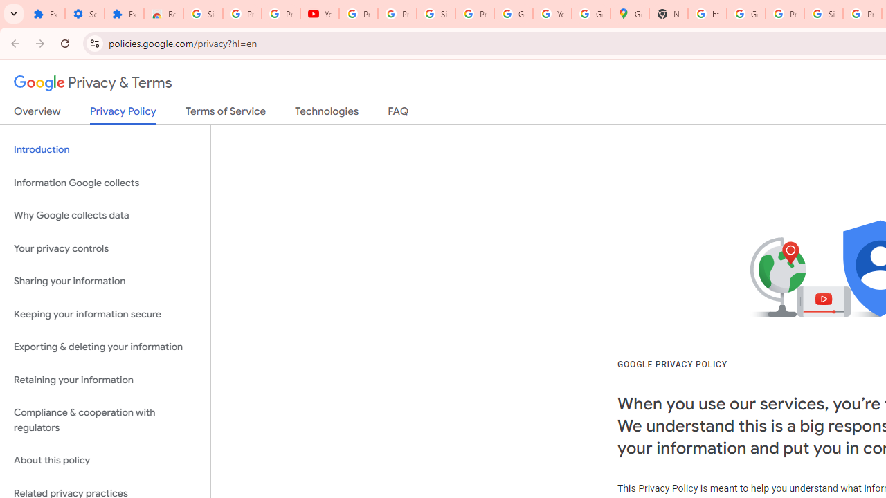 The width and height of the screenshot is (886, 498). Describe the element at coordinates (105, 420) in the screenshot. I see `'Compliance & cooperation with regulators'` at that location.